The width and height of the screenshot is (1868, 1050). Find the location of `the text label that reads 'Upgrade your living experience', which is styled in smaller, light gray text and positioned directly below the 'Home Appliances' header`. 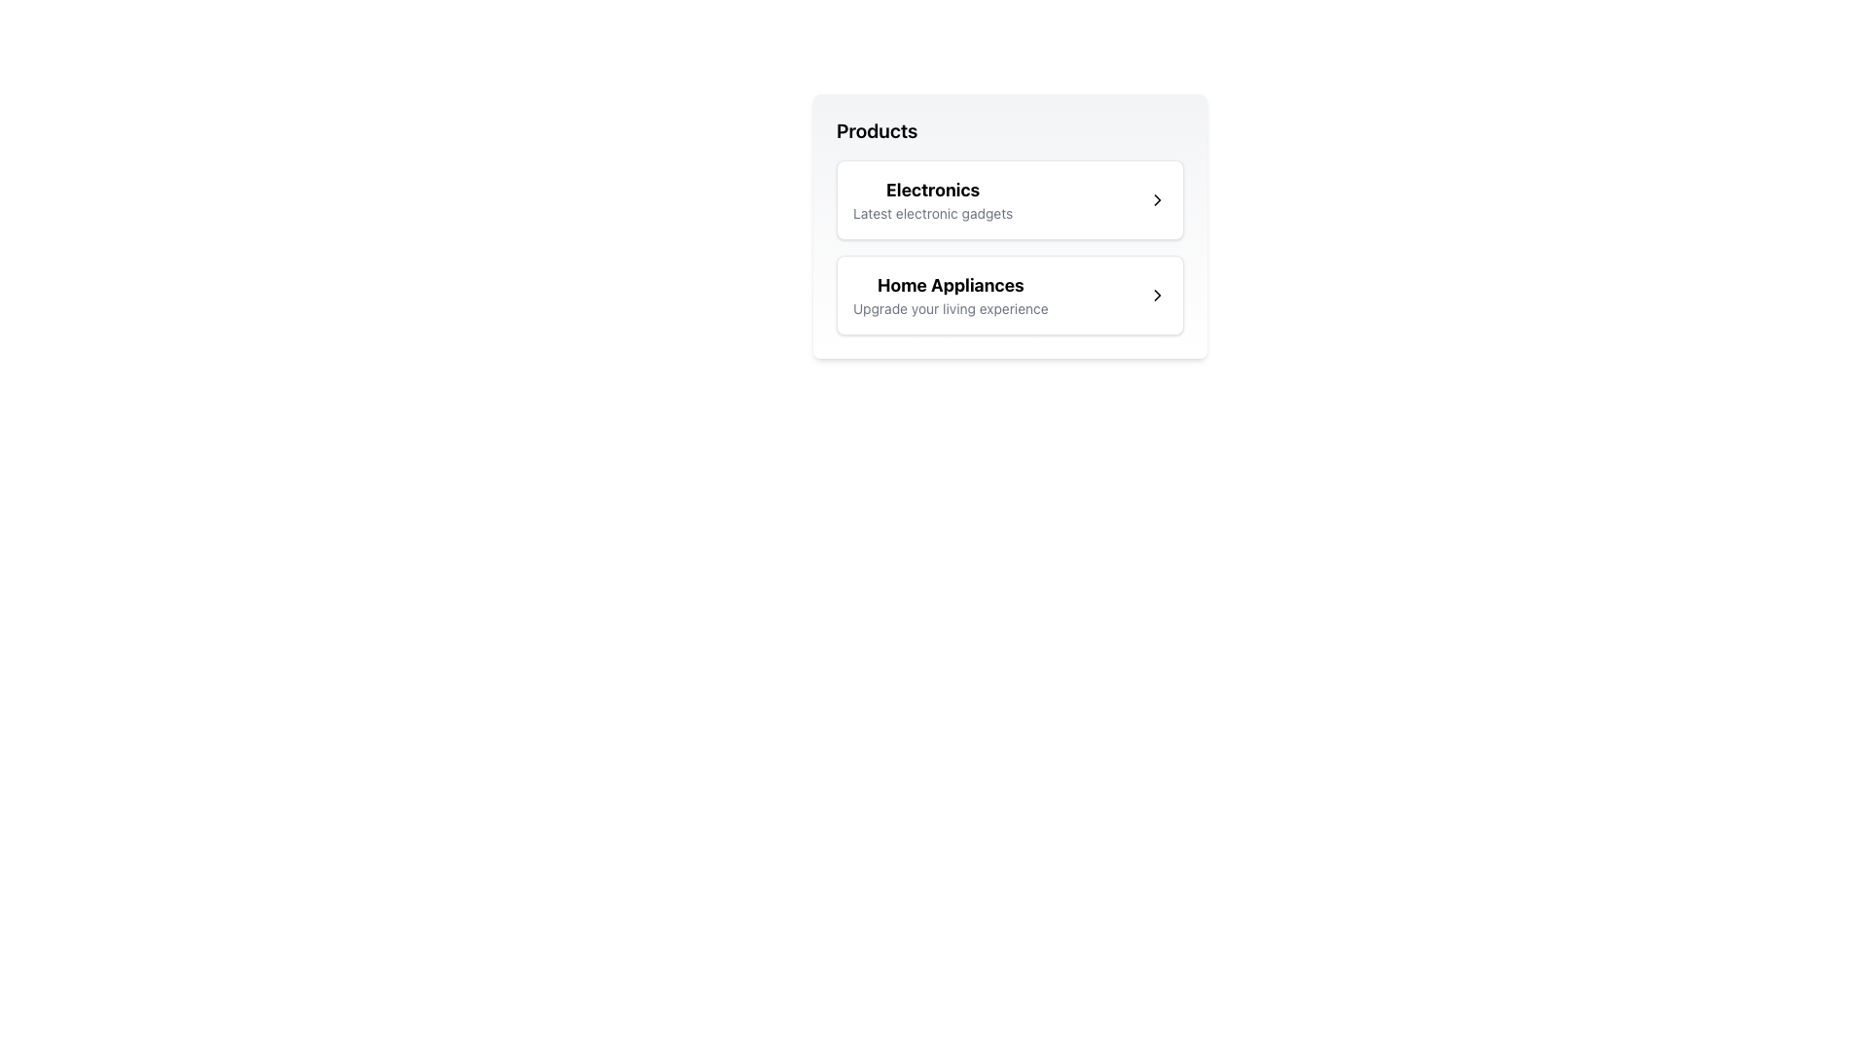

the text label that reads 'Upgrade your living experience', which is styled in smaller, light gray text and positioned directly below the 'Home Appliances' header is located at coordinates (951, 307).